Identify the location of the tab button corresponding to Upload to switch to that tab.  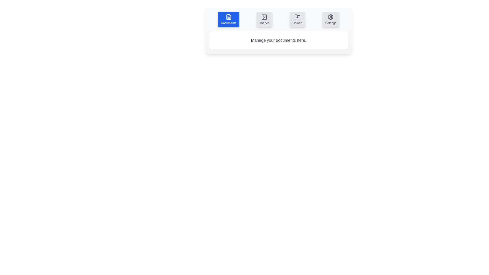
(297, 19).